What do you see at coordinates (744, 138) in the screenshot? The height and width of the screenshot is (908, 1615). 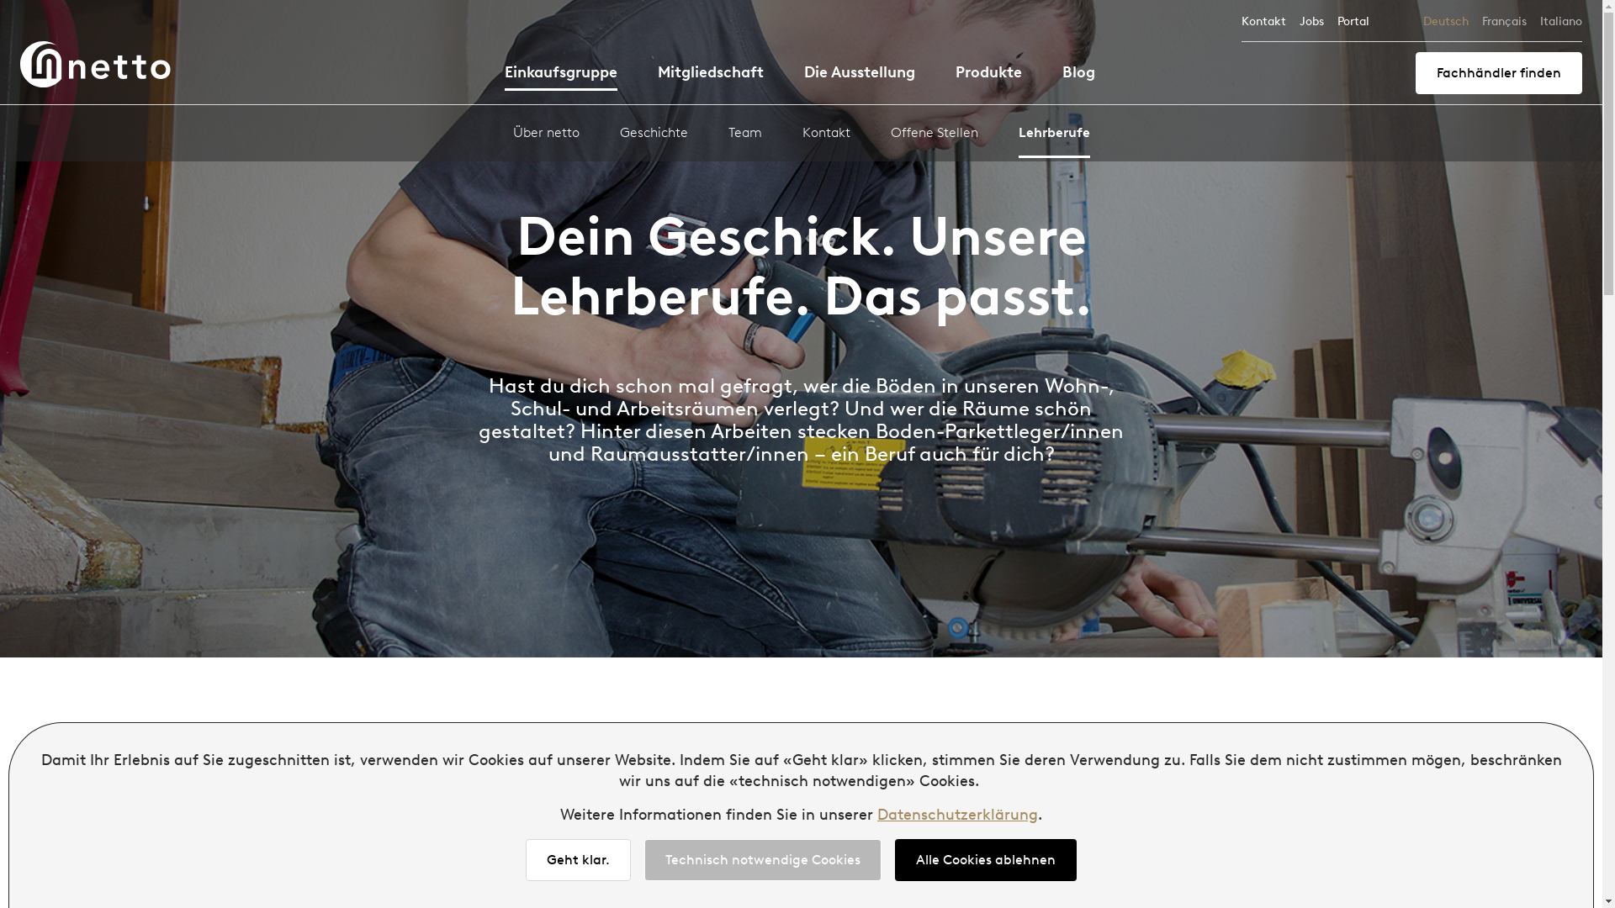 I see `'Team'` at bounding box center [744, 138].